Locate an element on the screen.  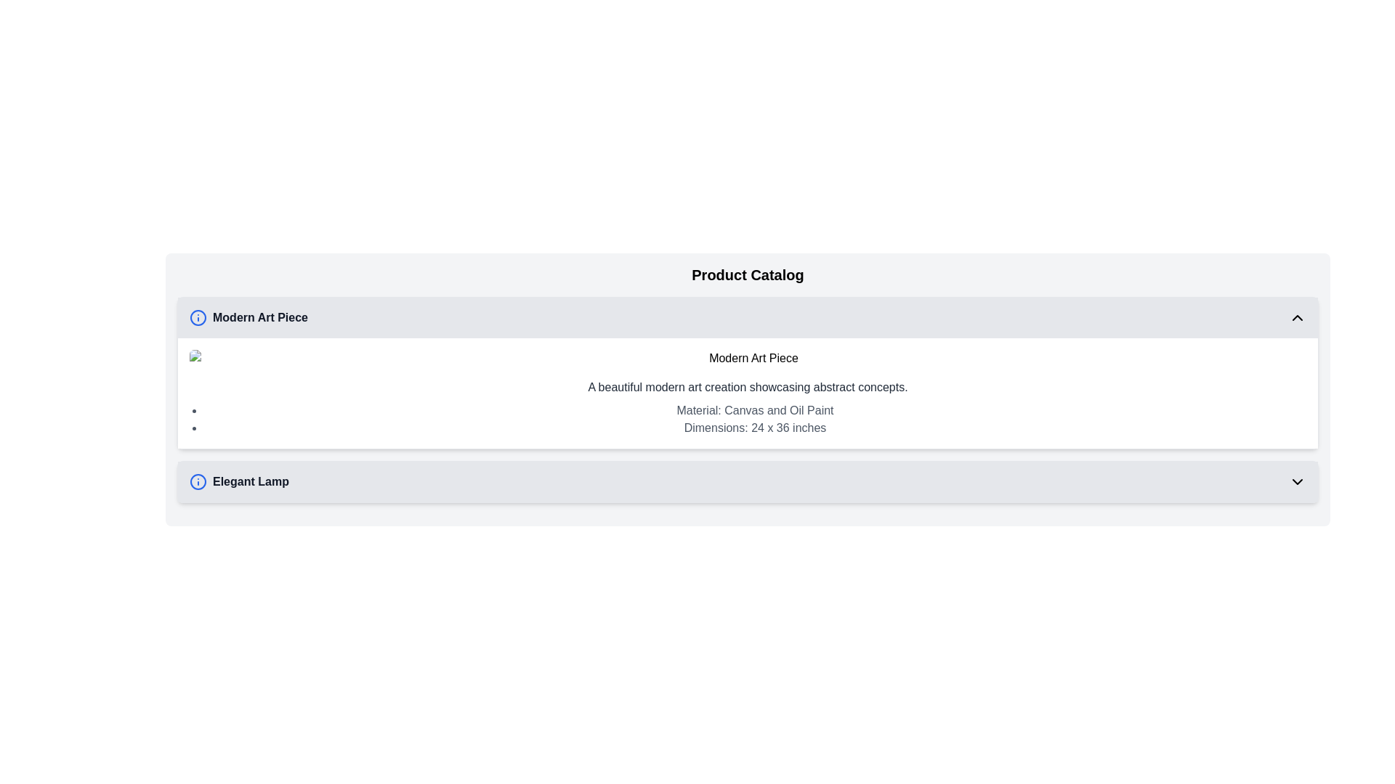
the blue circular information icon with an 'i' symbol is located at coordinates (198, 317).